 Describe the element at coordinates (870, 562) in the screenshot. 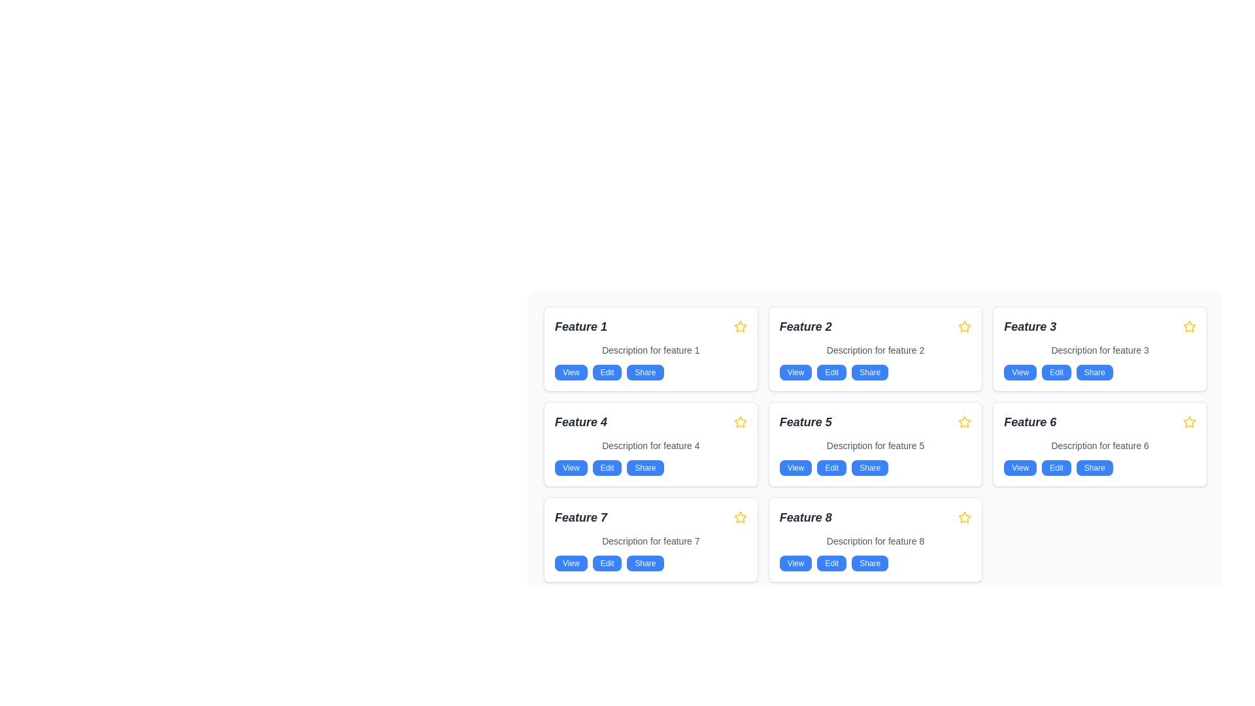

I see `the 'Share' button located in the bottom-right corner of the 'Feature 8' card` at that location.